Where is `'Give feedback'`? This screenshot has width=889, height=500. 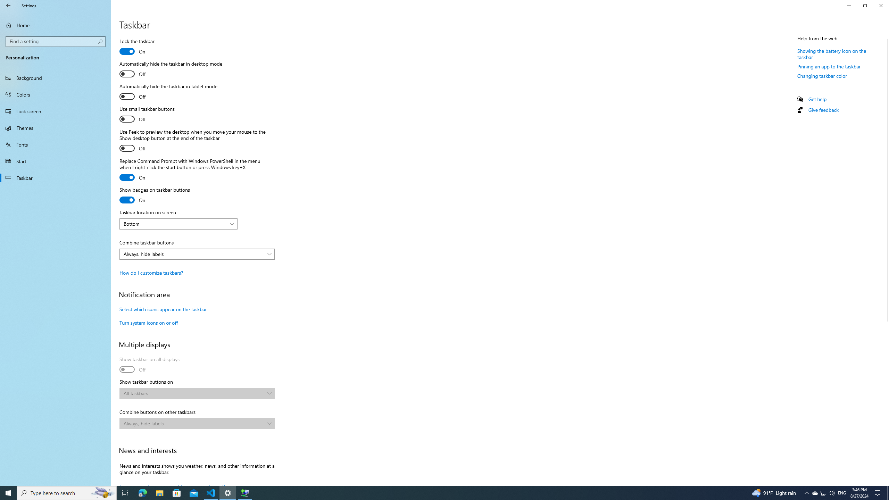
'Give feedback' is located at coordinates (823, 109).